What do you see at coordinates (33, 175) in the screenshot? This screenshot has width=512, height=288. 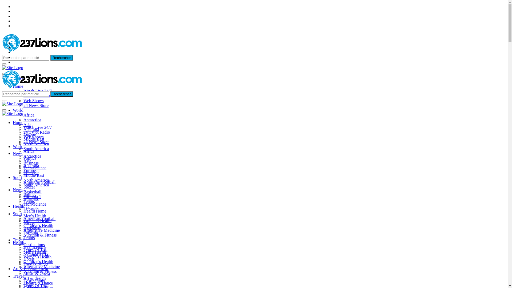 I see `'Middle East'` at bounding box center [33, 175].